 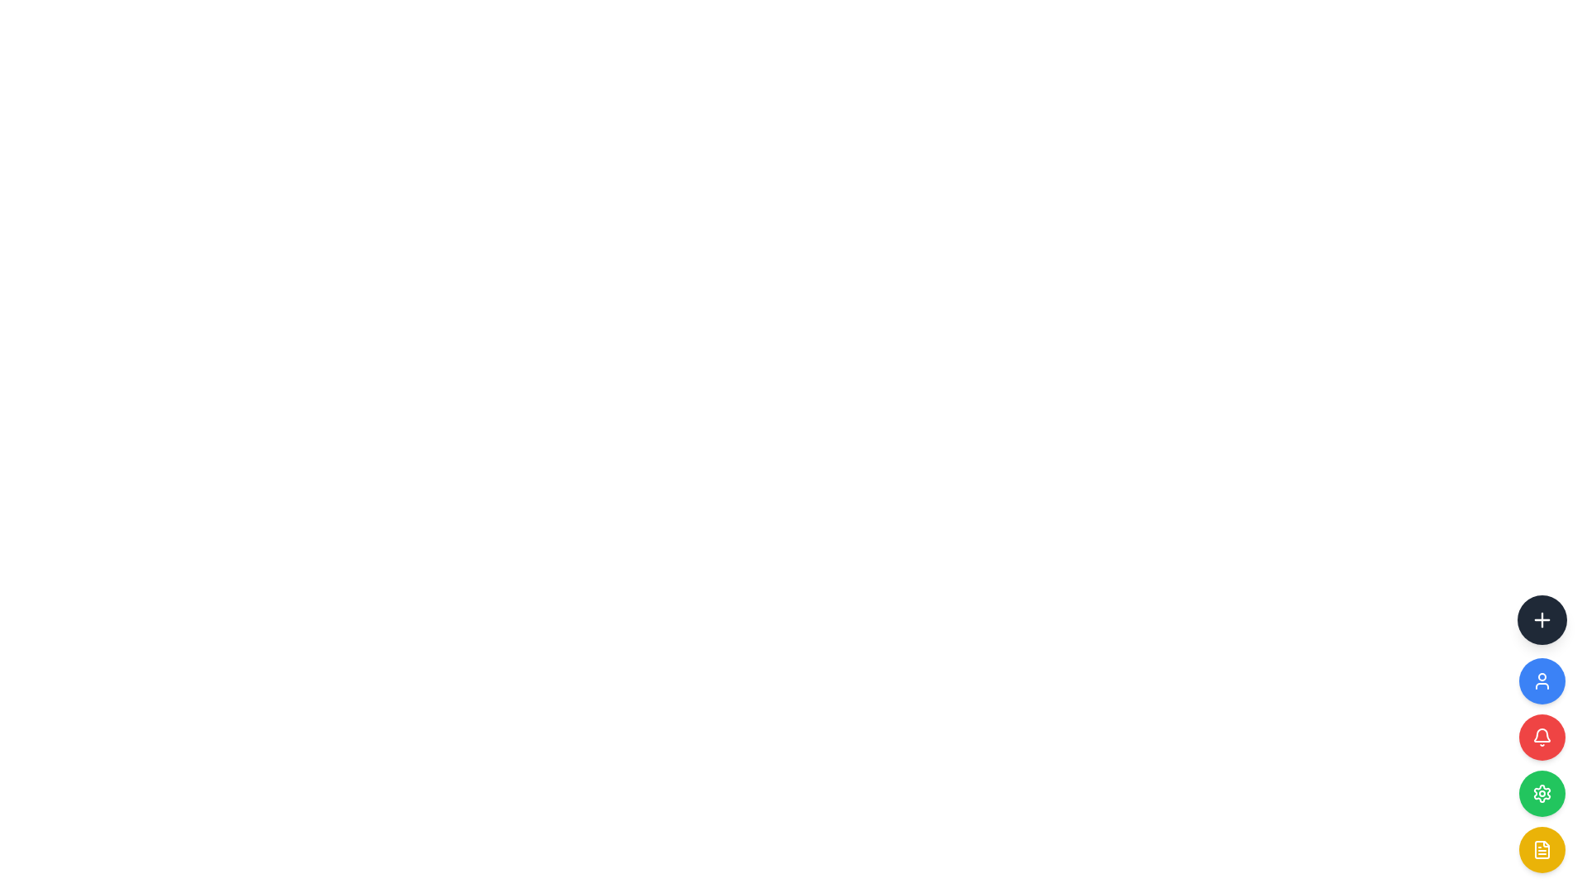 I want to click on the circular button with a dark background and a white plus icon in the center, so click(x=1542, y=619).